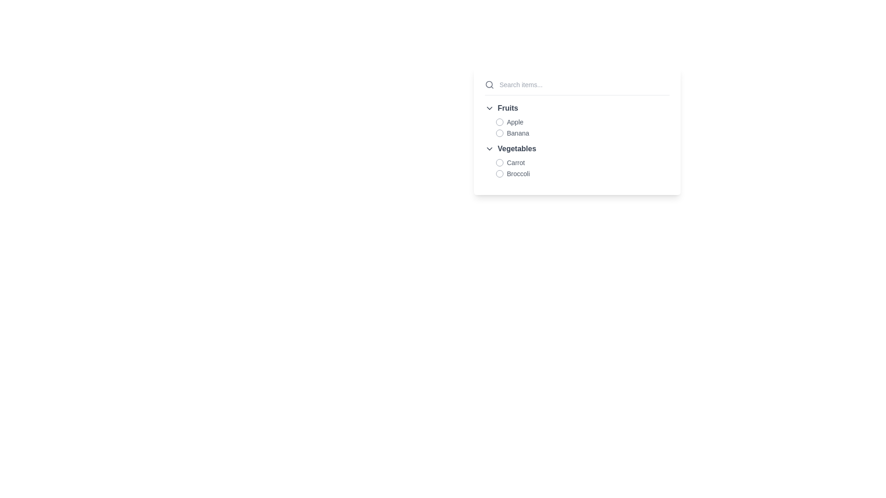  I want to click on the downward-pointing chevron icon, which is styled with a thin black stroke and positioned to the left of the 'Fruits' text, so click(489, 108).